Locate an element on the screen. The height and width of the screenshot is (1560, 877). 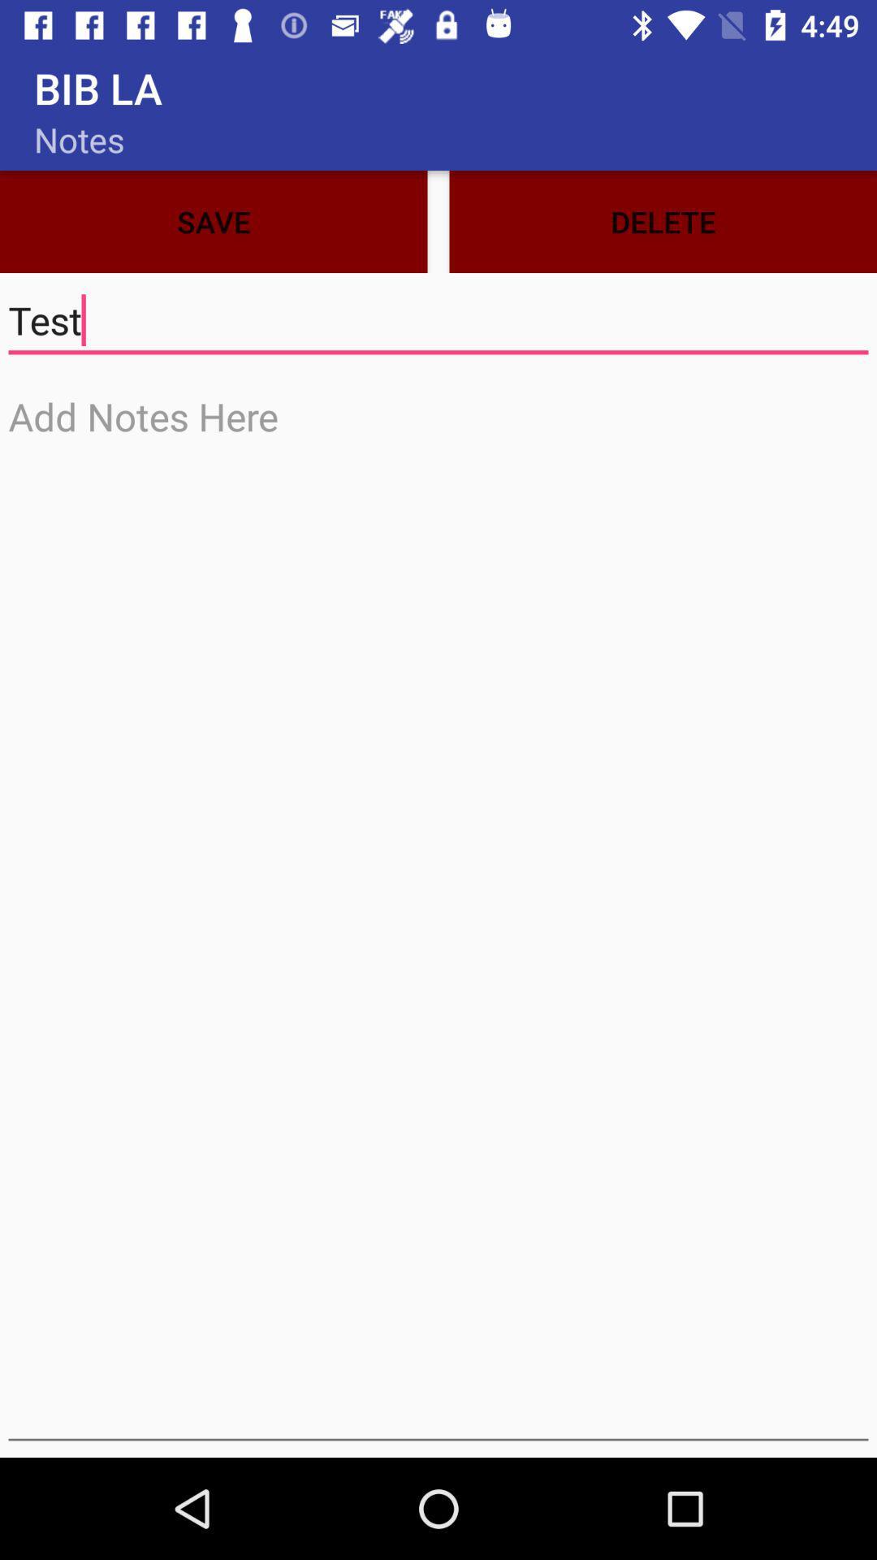
the icon below save icon is located at coordinates (438, 321).